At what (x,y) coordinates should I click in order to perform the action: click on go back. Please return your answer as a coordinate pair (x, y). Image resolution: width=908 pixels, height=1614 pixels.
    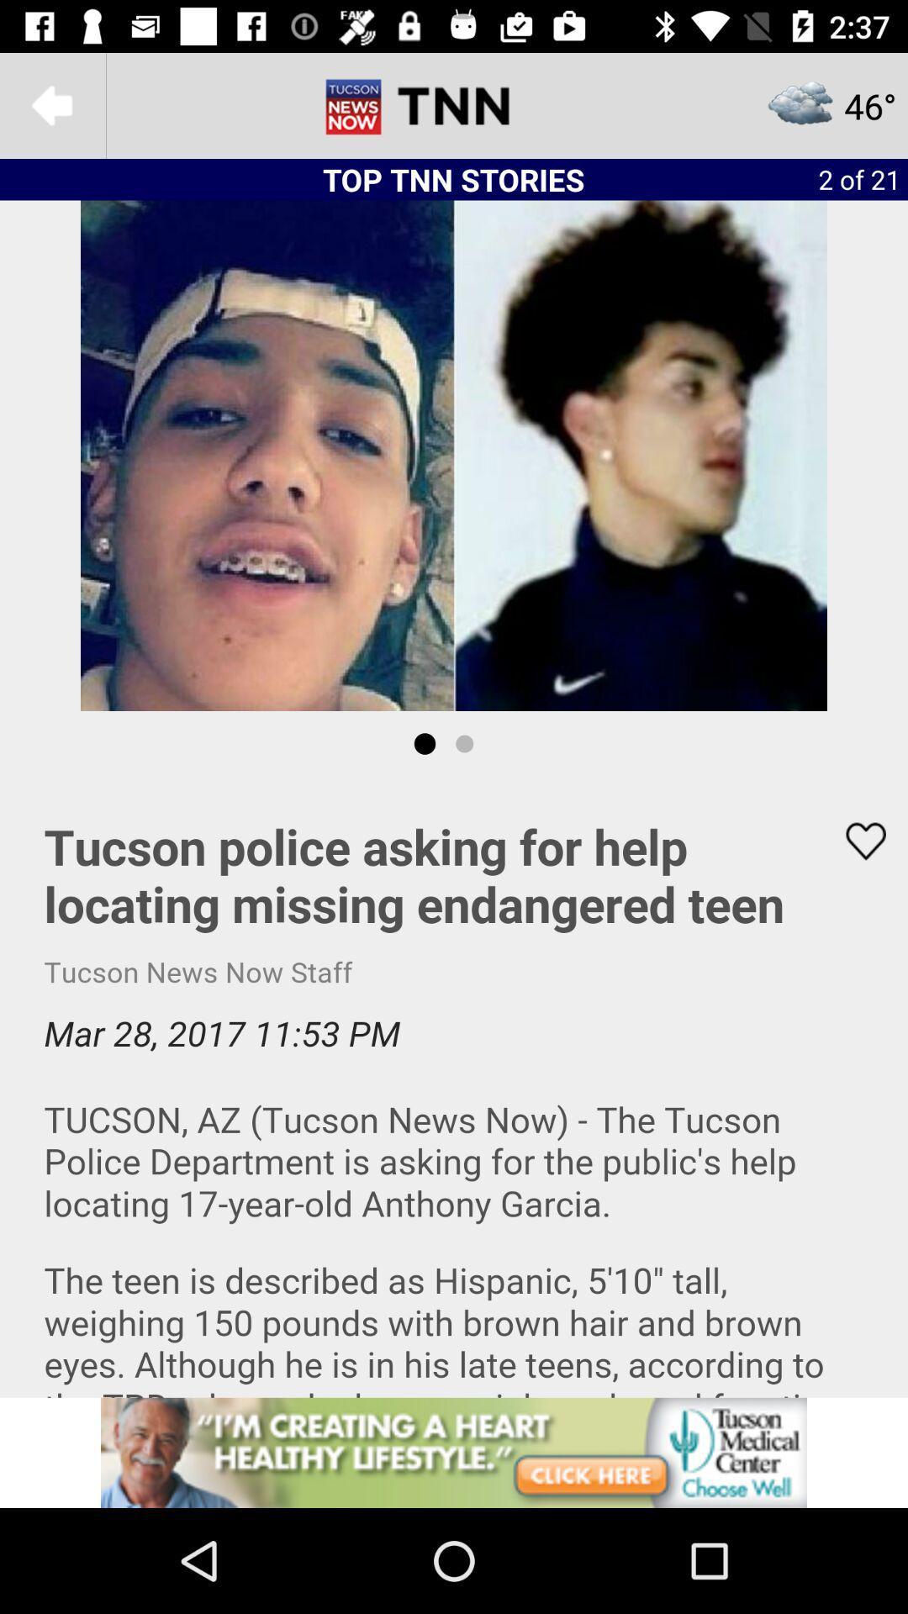
    Looking at the image, I should click on (51, 104).